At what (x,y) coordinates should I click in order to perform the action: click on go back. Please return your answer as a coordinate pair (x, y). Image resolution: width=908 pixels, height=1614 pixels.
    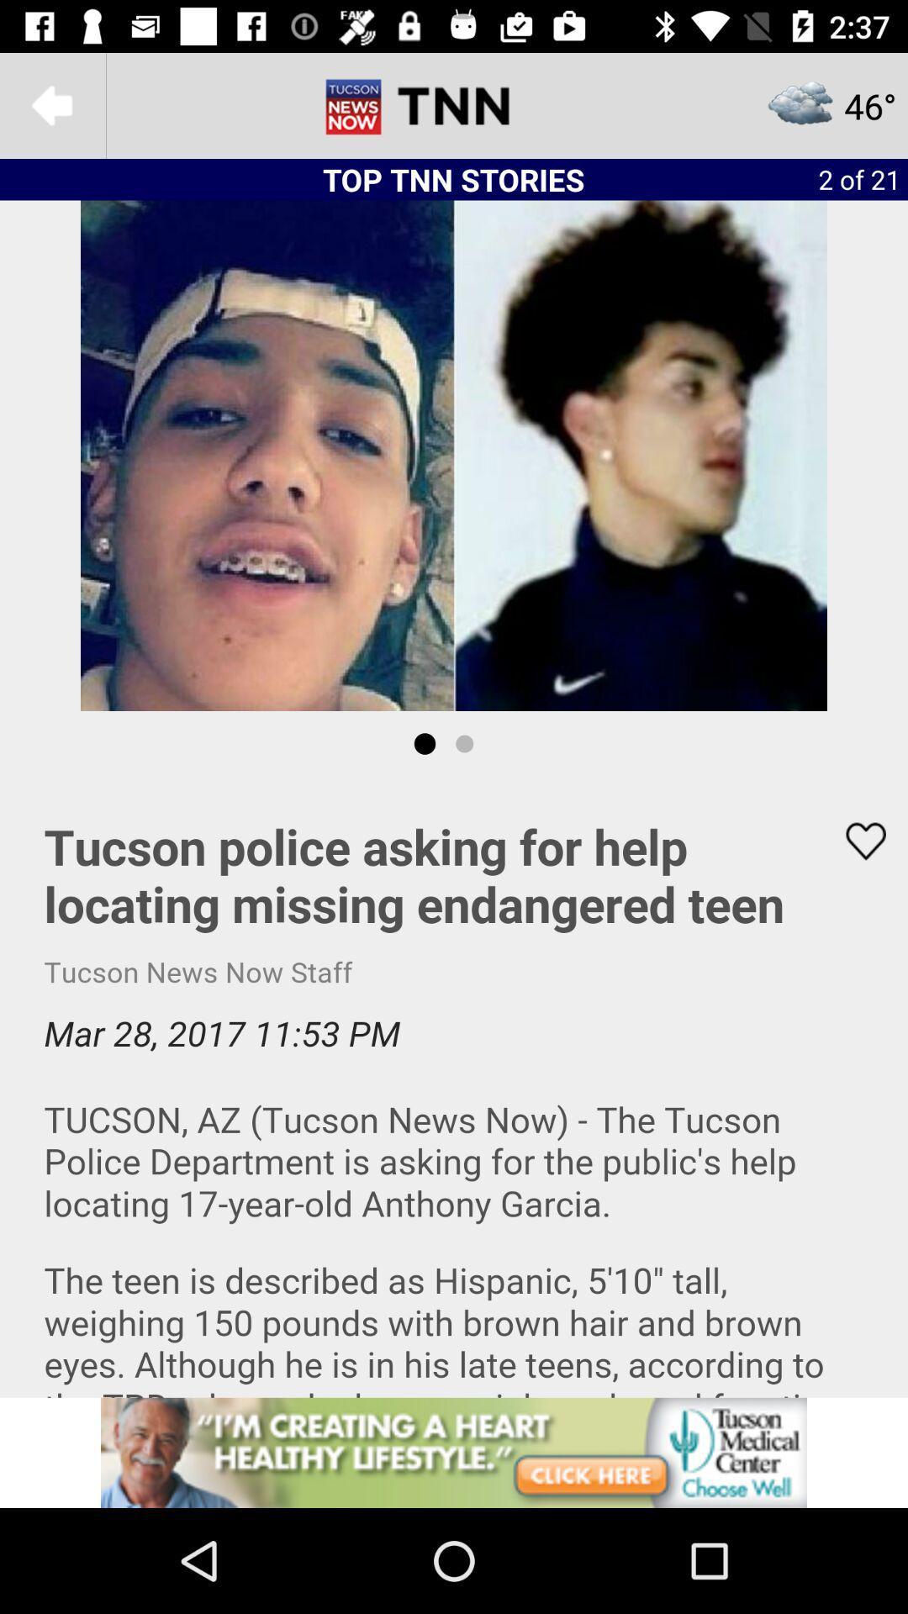
    Looking at the image, I should click on (51, 104).